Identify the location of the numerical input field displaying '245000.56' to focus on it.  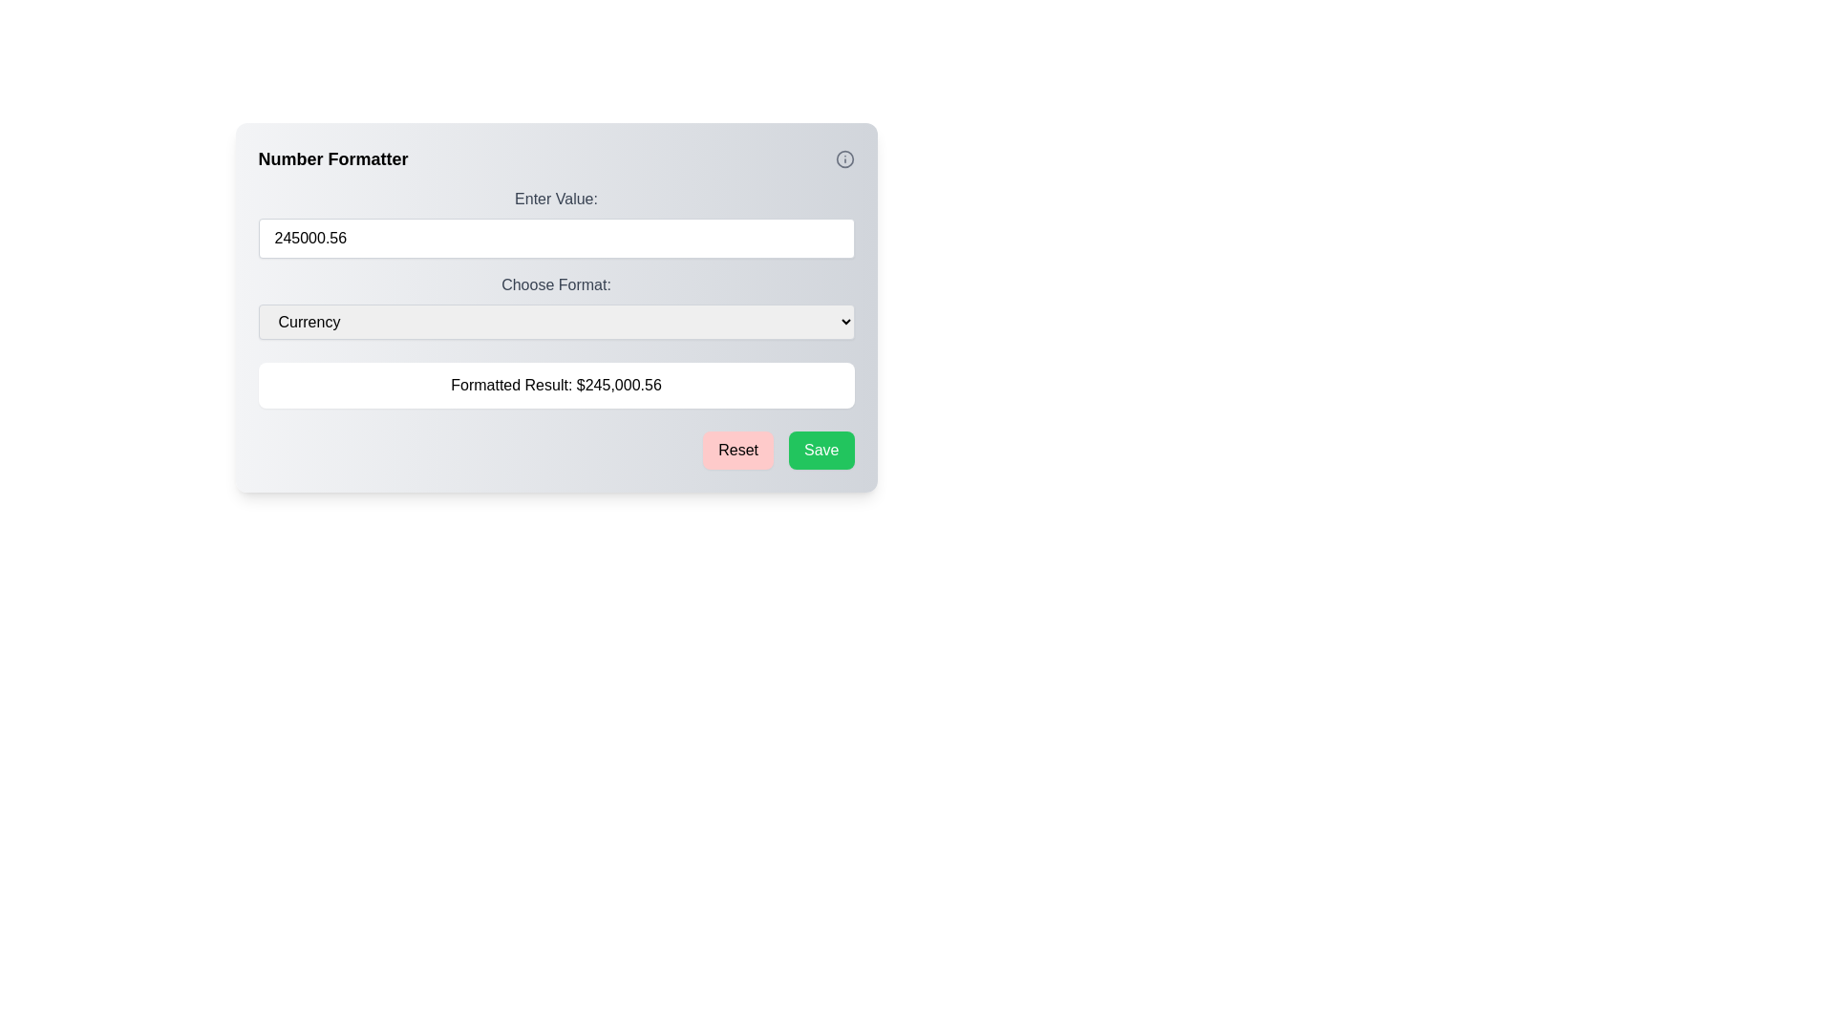
(555, 238).